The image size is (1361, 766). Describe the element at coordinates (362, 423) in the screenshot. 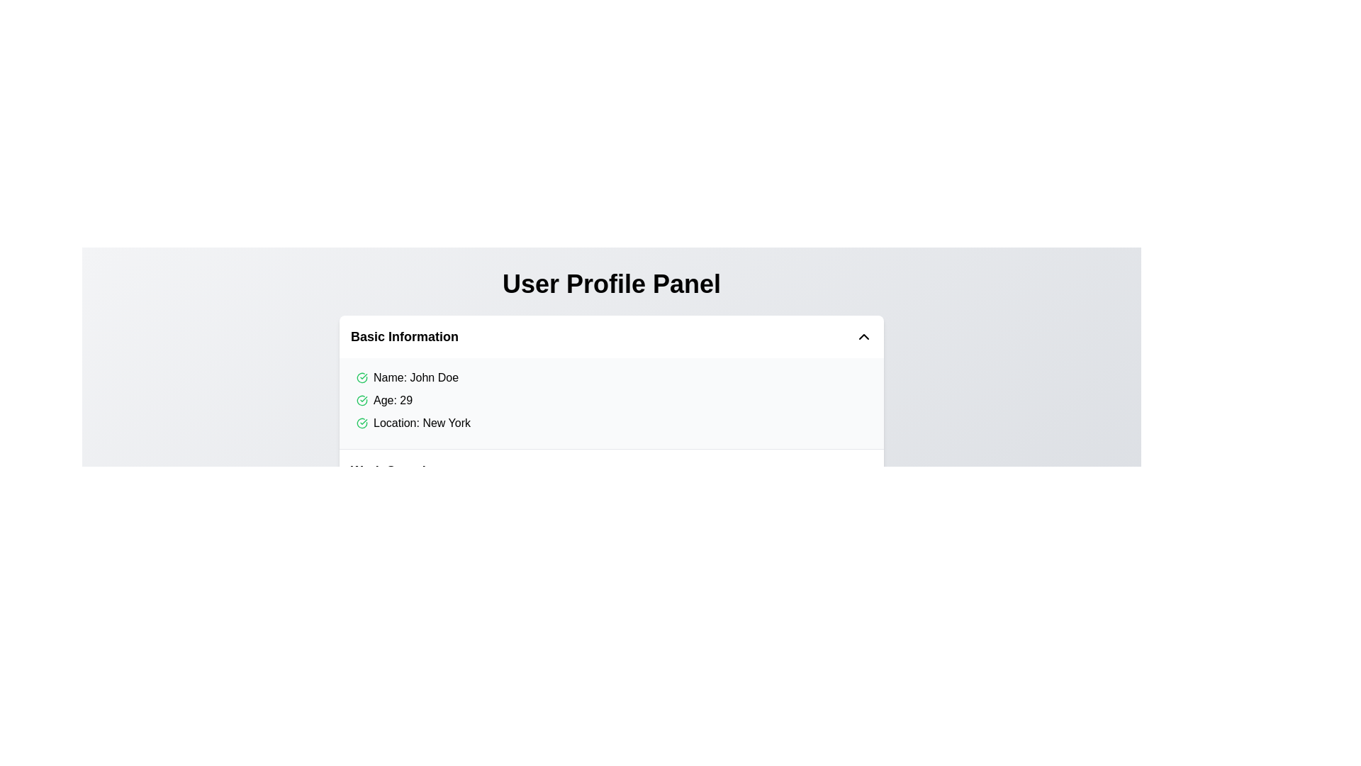

I see `the verified status icon located to the left of the 'Location: New York' text in the 'Basic Information' section of the 'User Profile Panel'` at that location.